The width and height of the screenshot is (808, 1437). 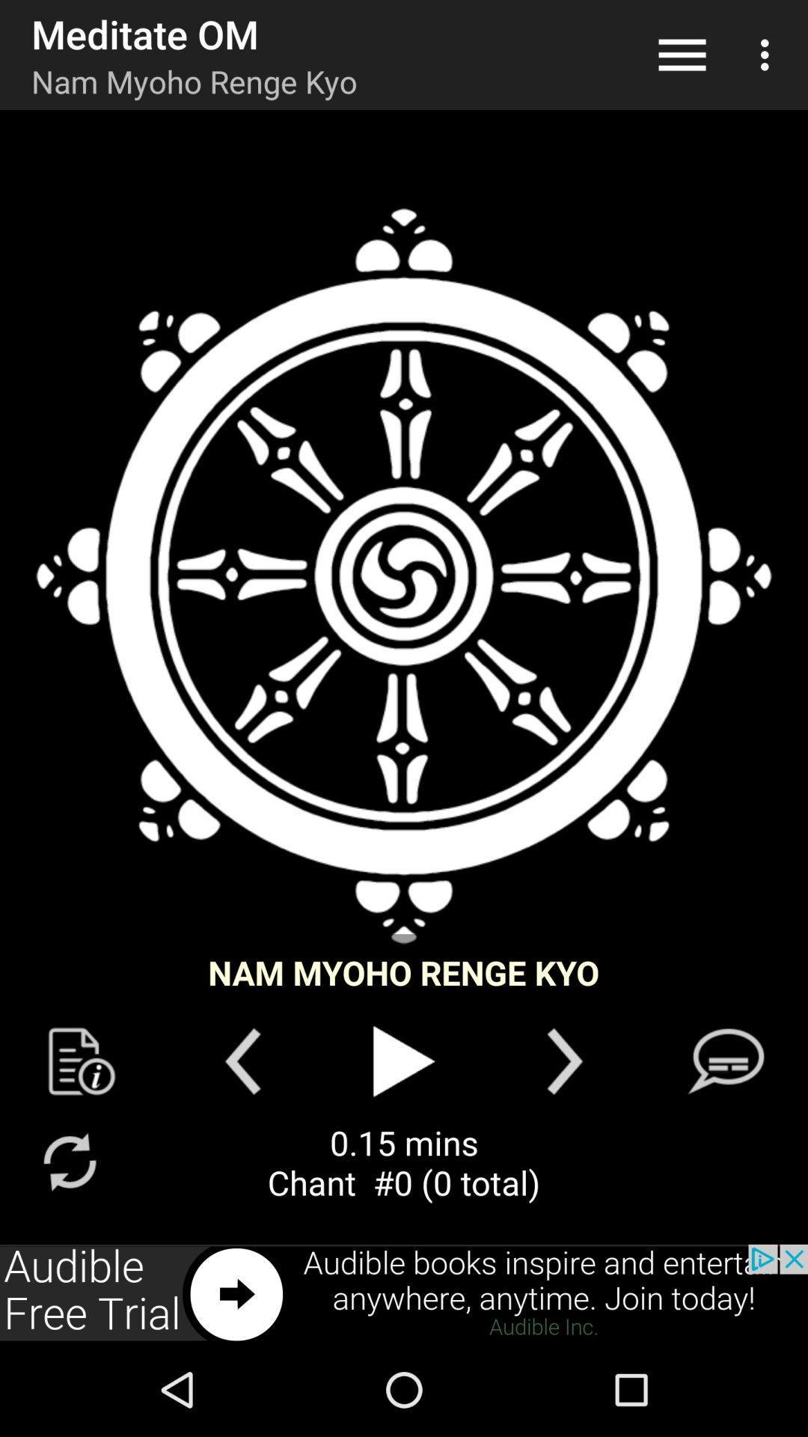 What do you see at coordinates (82, 1061) in the screenshot?
I see `show information about the active chant` at bounding box center [82, 1061].